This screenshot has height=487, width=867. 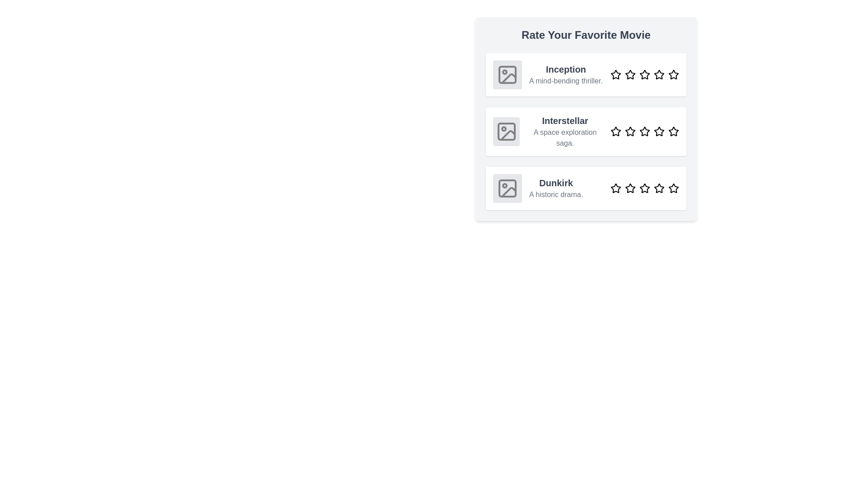 What do you see at coordinates (630, 188) in the screenshot?
I see `the second interactive star icon to rate the movie 'Dunkirk' as 2 stars` at bounding box center [630, 188].